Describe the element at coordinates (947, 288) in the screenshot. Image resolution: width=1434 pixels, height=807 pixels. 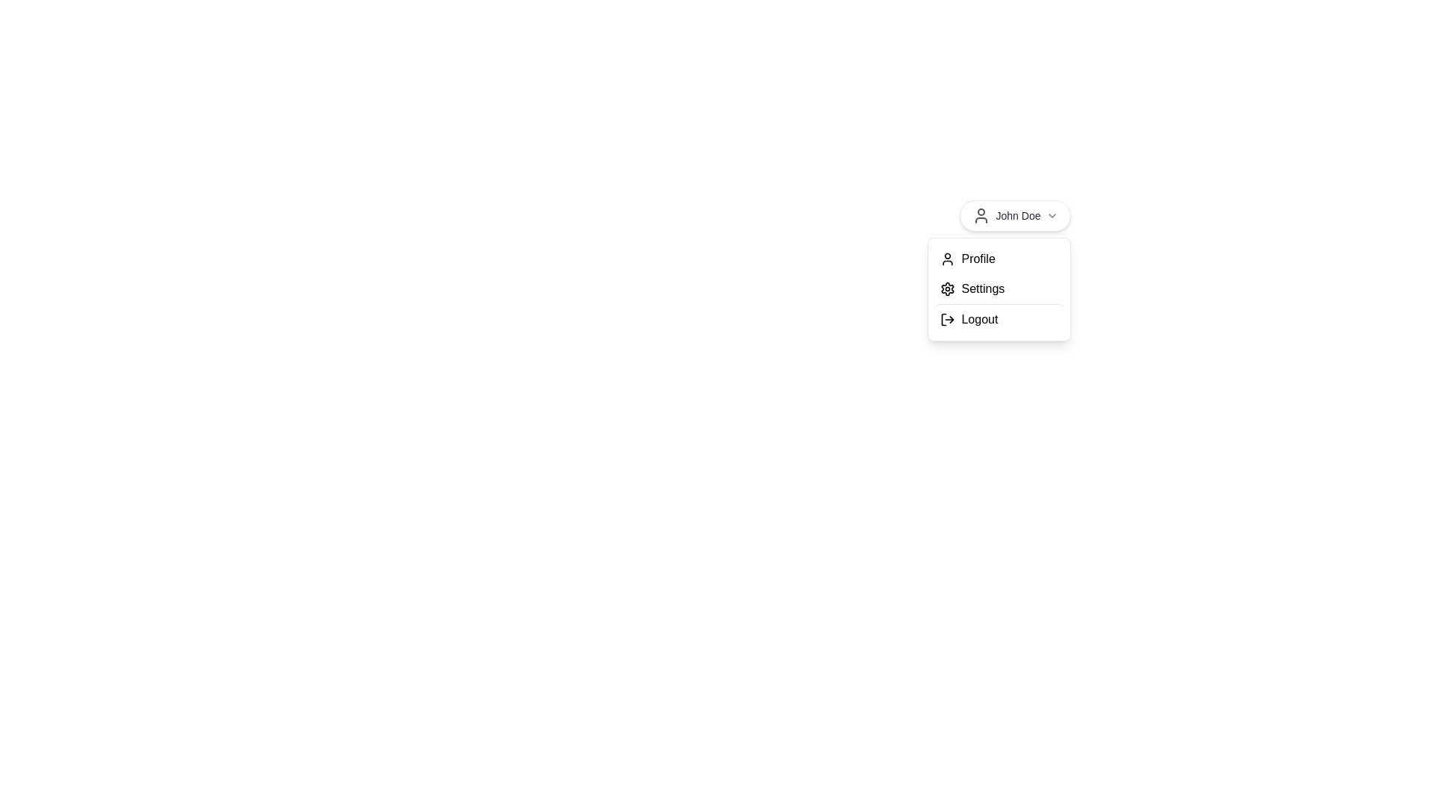
I see `the visual representation of the settings icon, which is an outer gear shape located to the right of the 'Profile' option and above the 'Logout' option in the dropdown menu under the user name 'John Doe'` at that location.